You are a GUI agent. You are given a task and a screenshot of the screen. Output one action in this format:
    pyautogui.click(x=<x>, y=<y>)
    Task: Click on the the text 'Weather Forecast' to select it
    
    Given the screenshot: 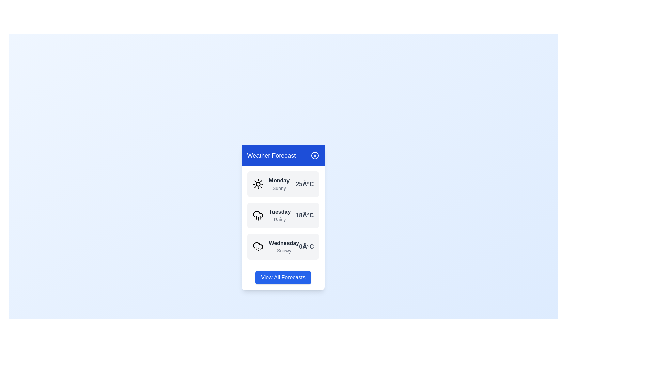 What is the action you would take?
    pyautogui.click(x=271, y=155)
    